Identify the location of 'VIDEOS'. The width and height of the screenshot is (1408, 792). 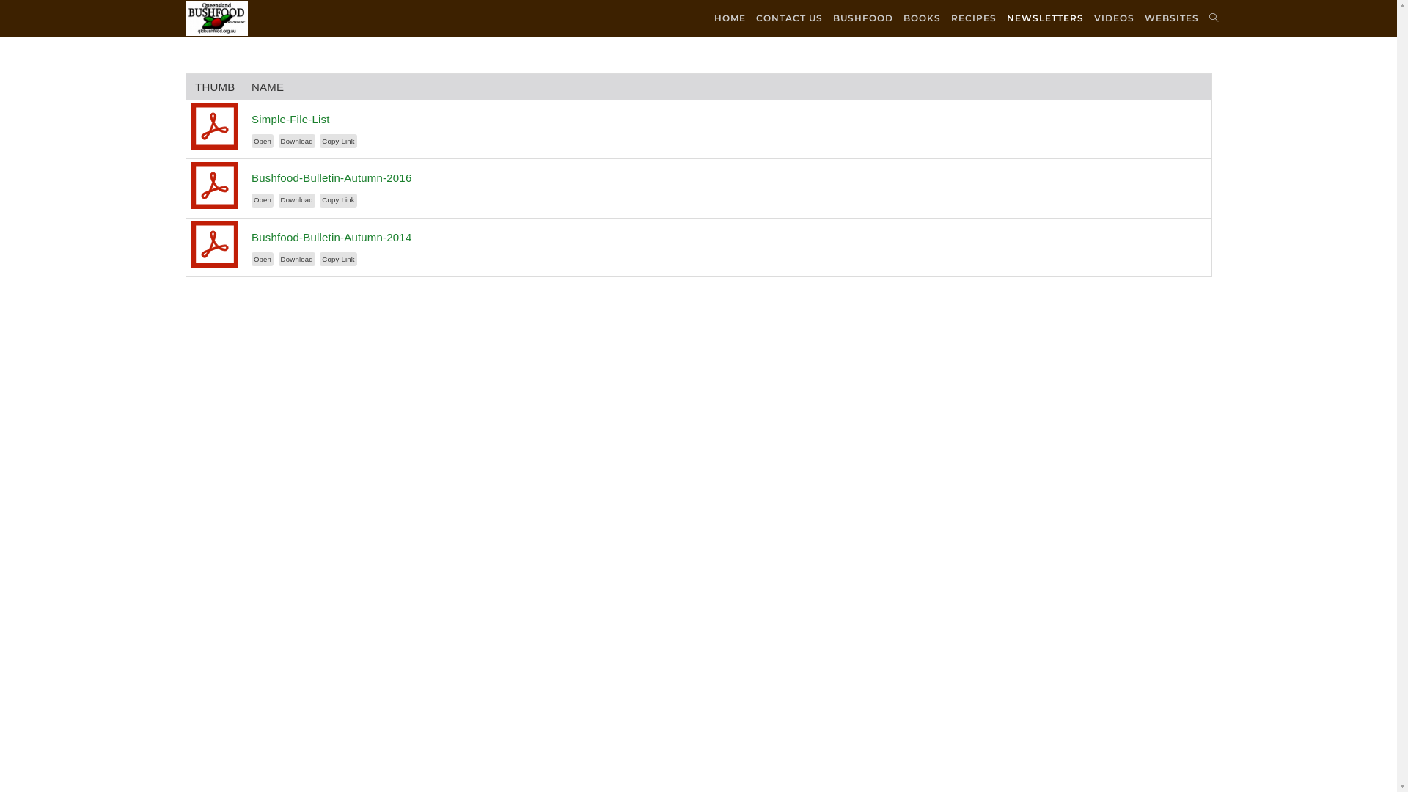
(1113, 18).